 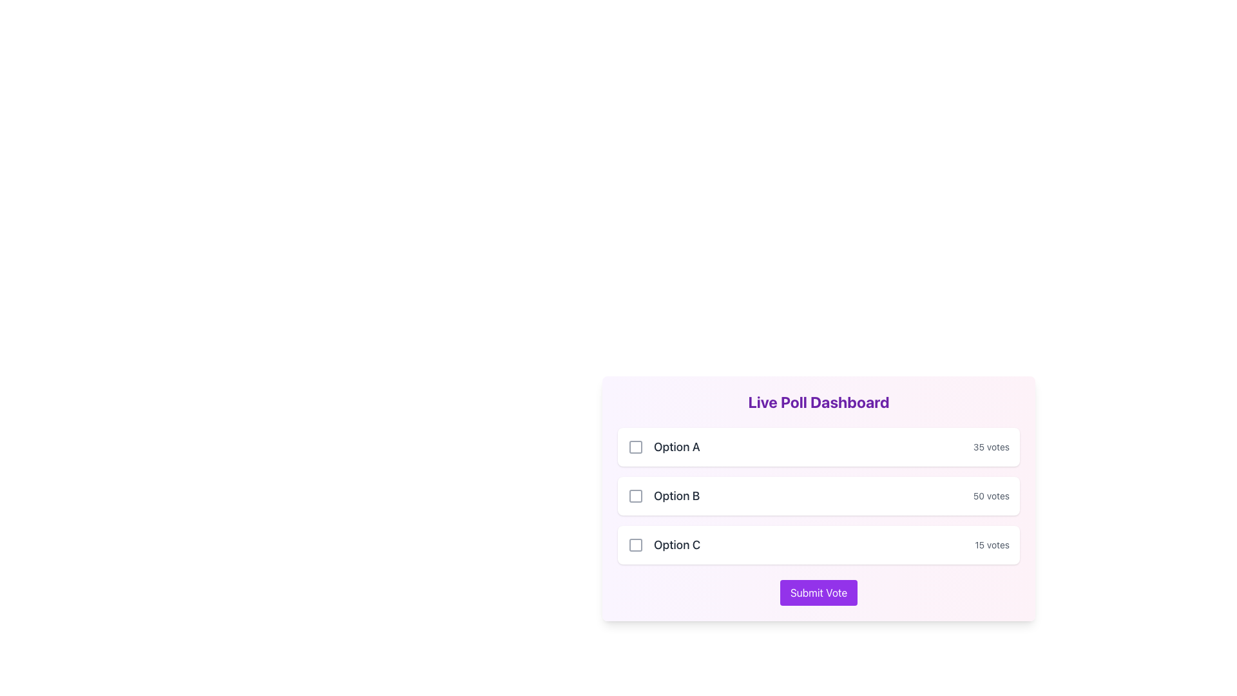 I want to click on the checkbox option in the Live Poll Dashboard, so click(x=818, y=496).